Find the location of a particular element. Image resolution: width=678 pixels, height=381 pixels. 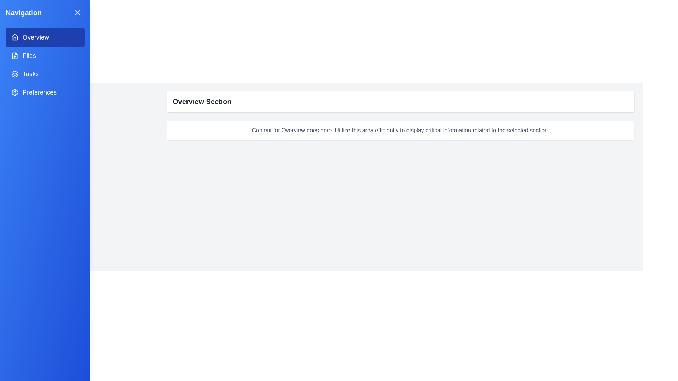

the close button (X icon) in the top-right corner of the navigation drawer to toggle its visibility is located at coordinates (78, 12).